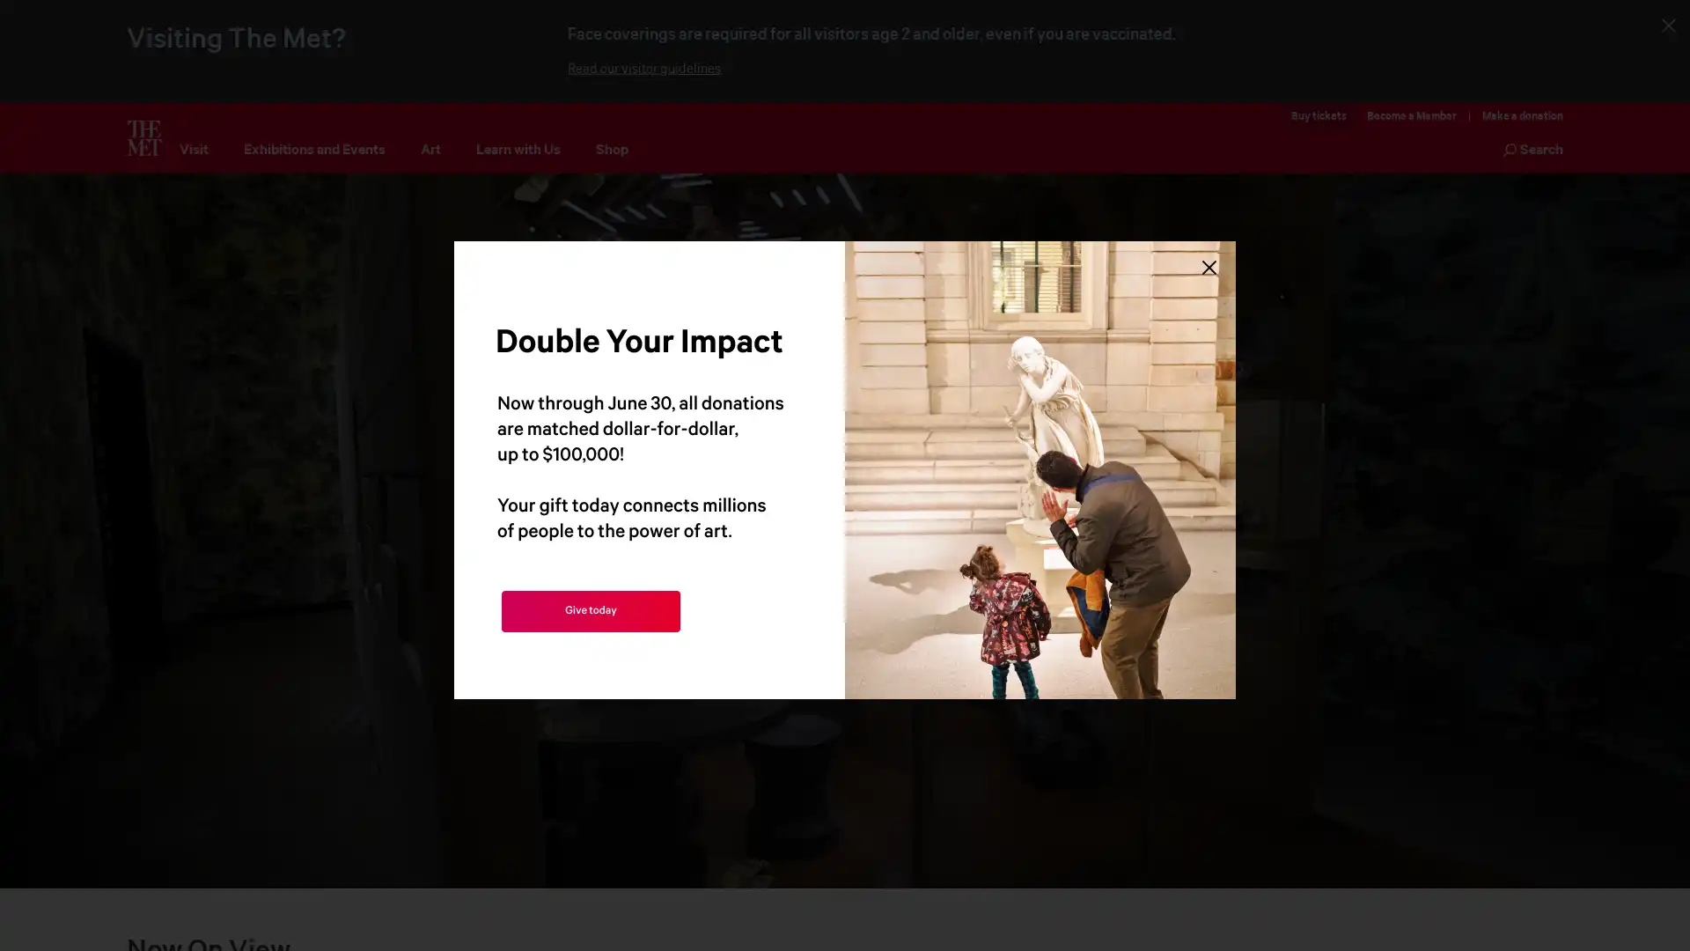 This screenshot has width=1690, height=951. I want to click on Search, so click(1532, 150).